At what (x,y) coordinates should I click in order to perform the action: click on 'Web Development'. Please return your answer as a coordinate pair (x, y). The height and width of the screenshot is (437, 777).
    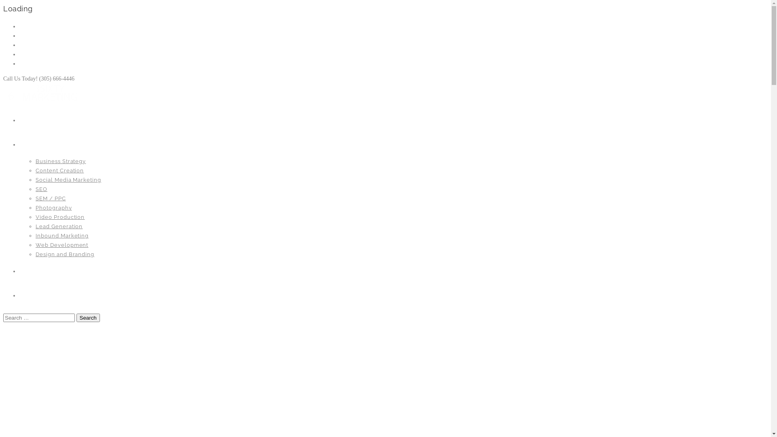
    Looking at the image, I should click on (62, 244).